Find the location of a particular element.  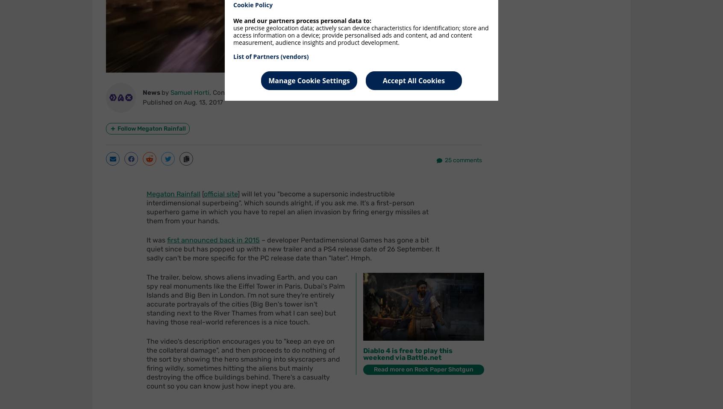

'Aug. 13, 2017' is located at coordinates (203, 102).